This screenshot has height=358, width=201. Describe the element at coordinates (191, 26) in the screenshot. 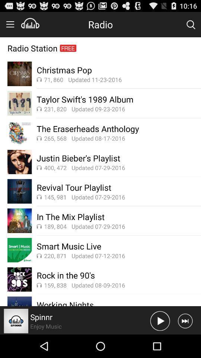

I see `the search icon` at that location.